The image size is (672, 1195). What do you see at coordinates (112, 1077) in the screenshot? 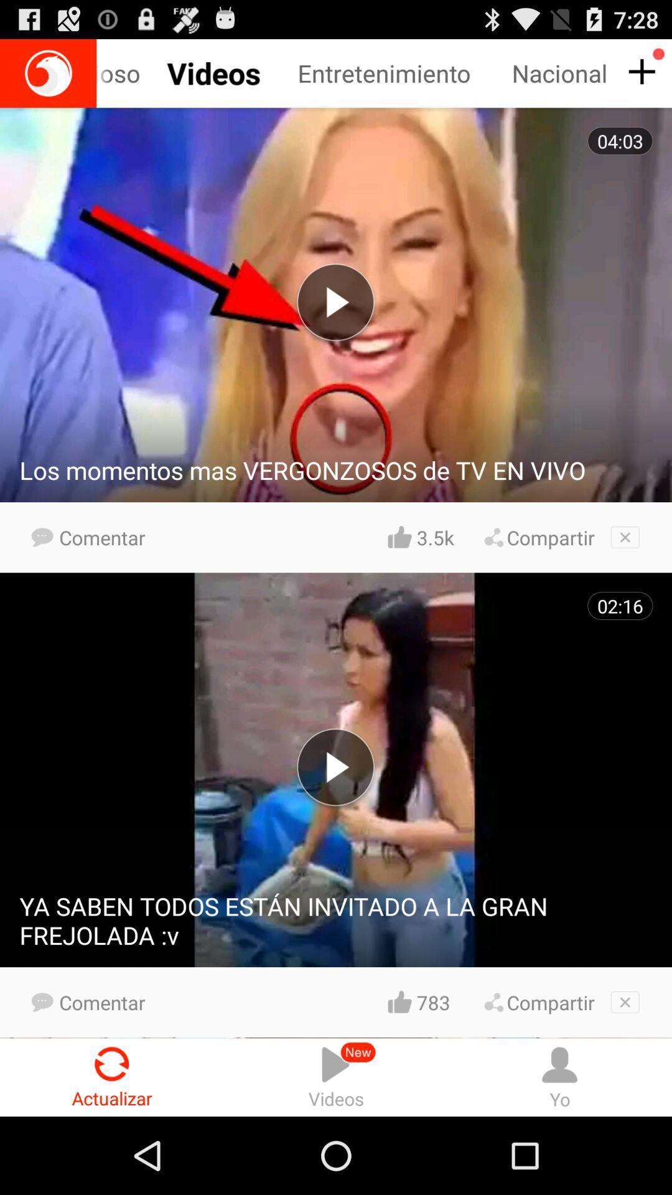
I see `the item to the left of videos radio button` at bounding box center [112, 1077].